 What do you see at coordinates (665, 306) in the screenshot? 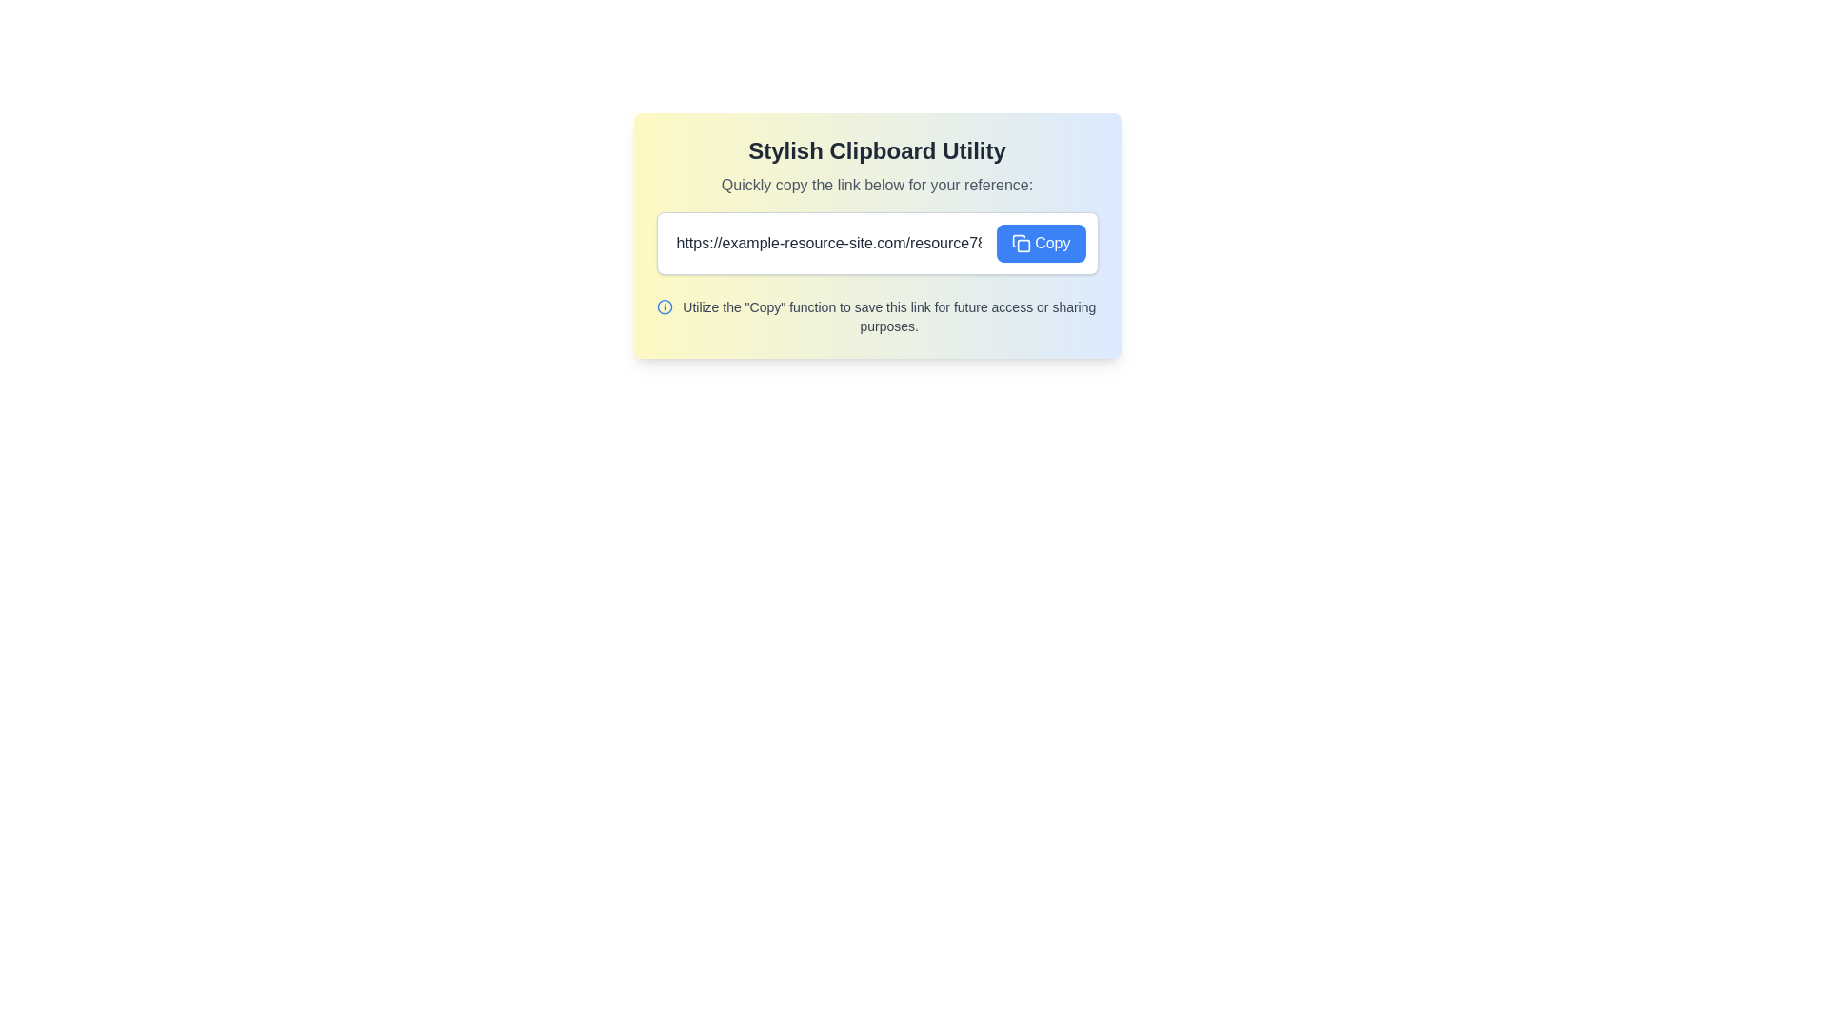
I see `the informational icon located to the left of the text block that reads 'Utilize the "Copy" function` at bounding box center [665, 306].